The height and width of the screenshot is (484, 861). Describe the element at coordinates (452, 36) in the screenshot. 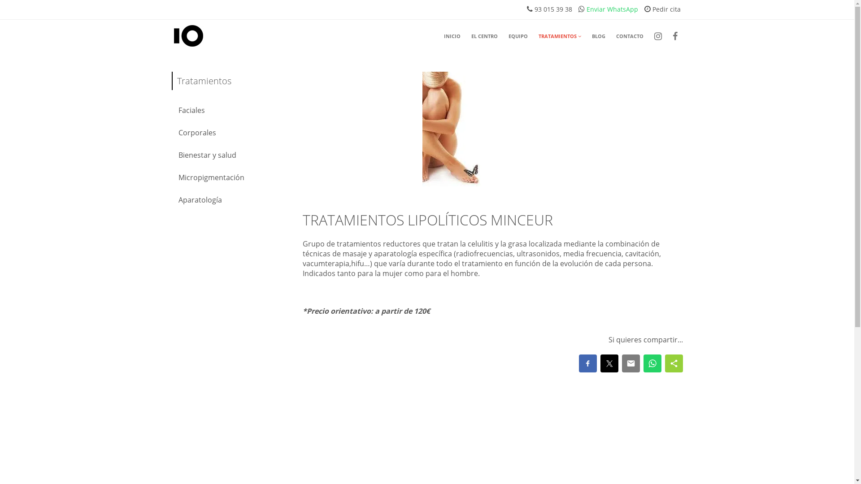

I see `'INICIO'` at that location.